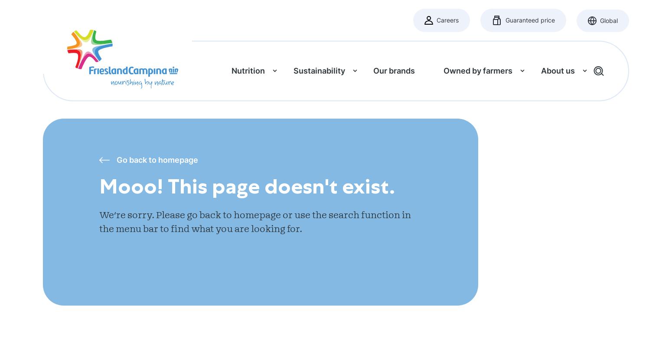  What do you see at coordinates (385, 151) in the screenshot?
I see `'German'` at bounding box center [385, 151].